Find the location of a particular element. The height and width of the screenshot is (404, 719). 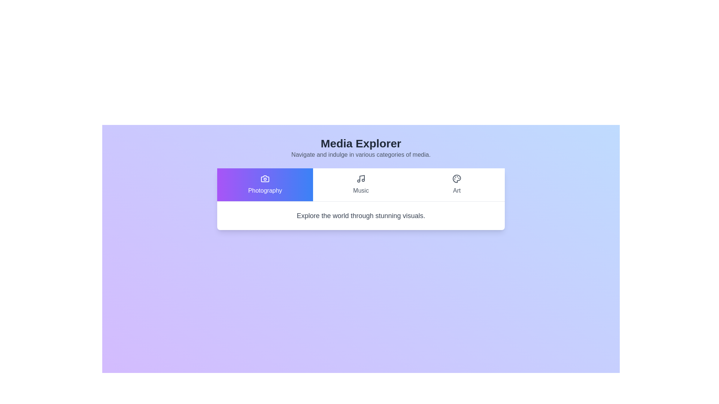

the 'Music' tab to view its content is located at coordinates (361, 184).